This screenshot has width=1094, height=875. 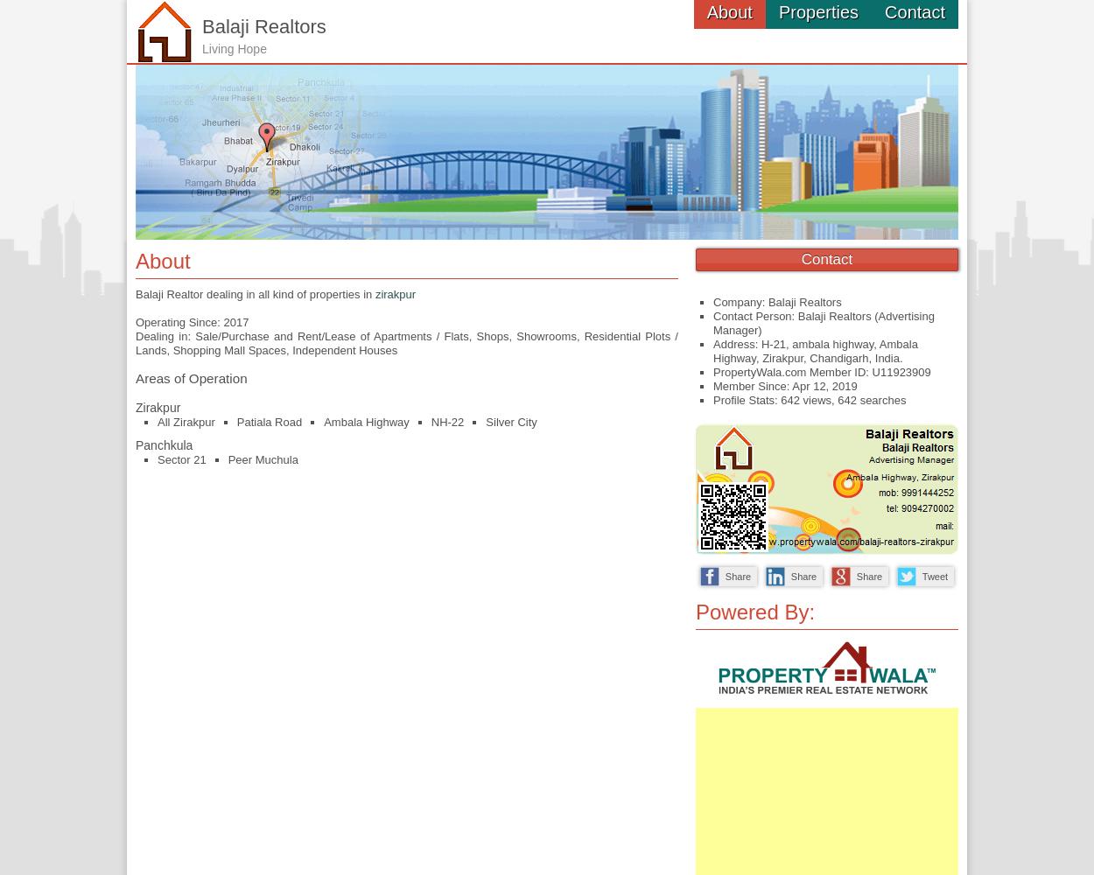 I want to click on 'Properties', so click(x=818, y=12).